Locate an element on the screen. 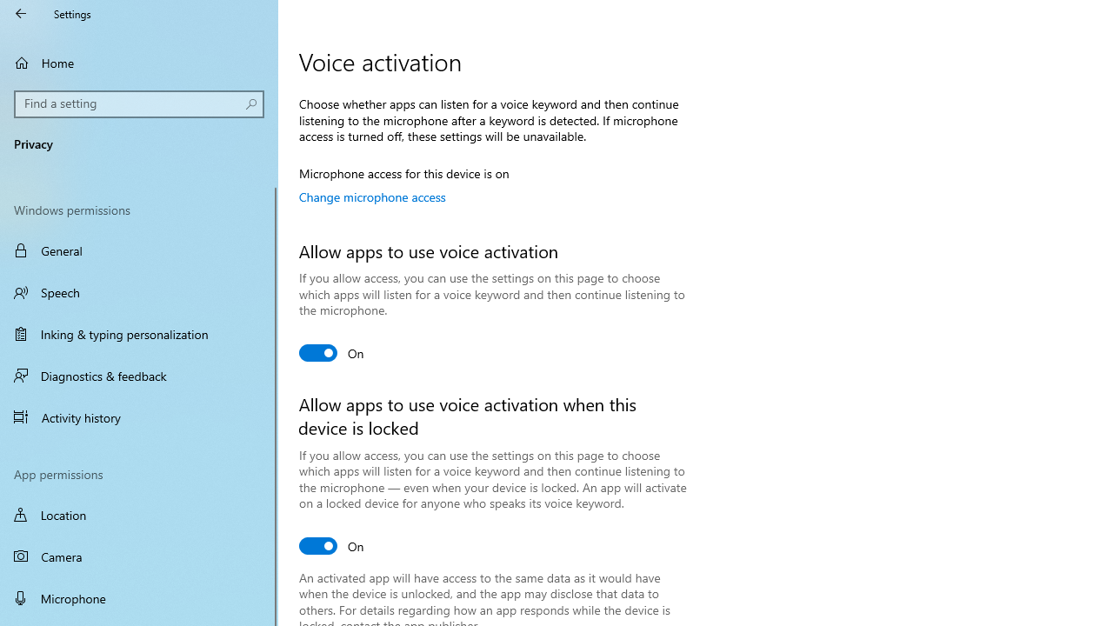 The height and width of the screenshot is (626, 1113). 'Location' is located at coordinates (139, 514).